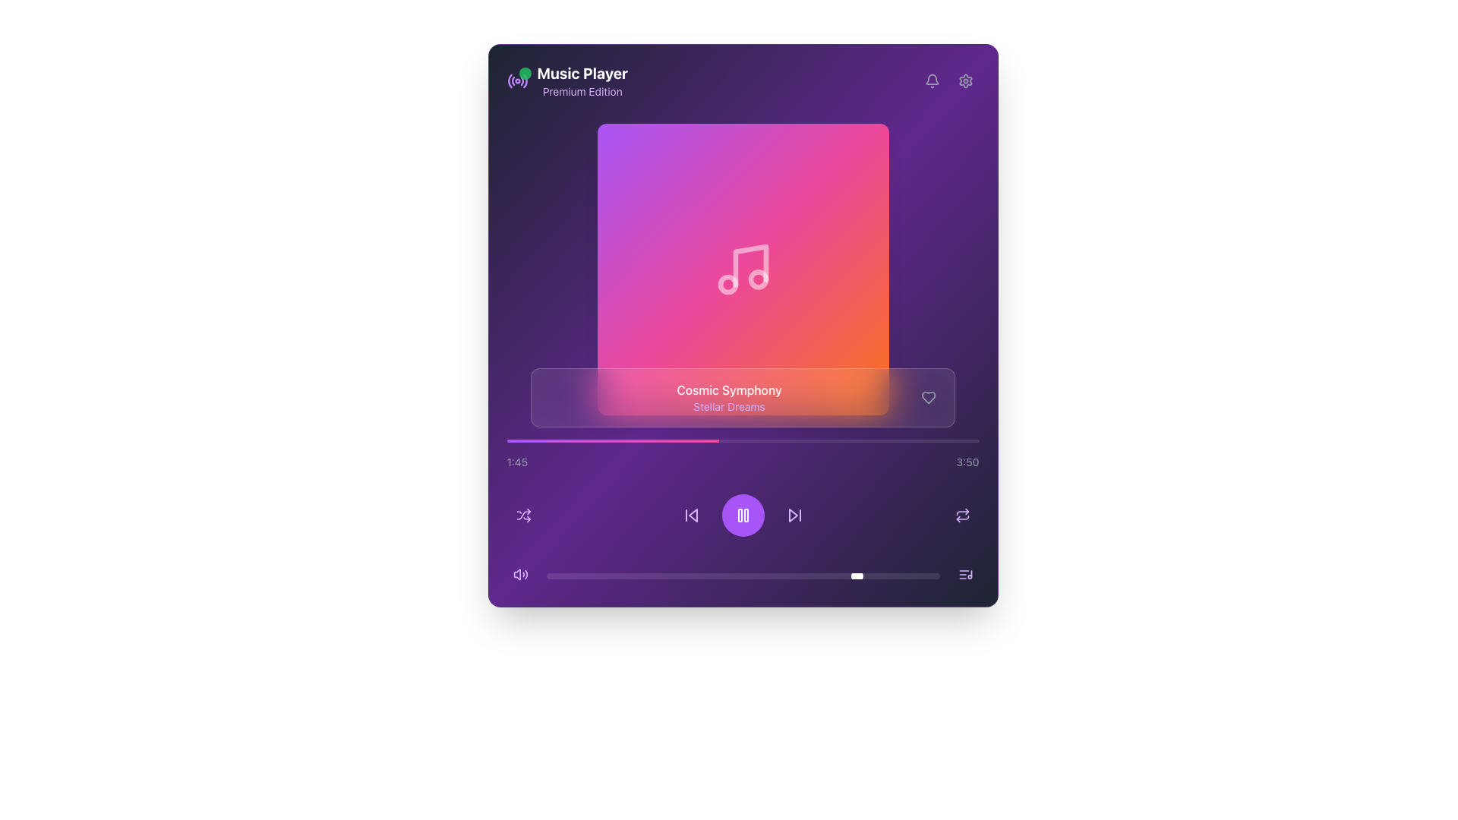  Describe the element at coordinates (967, 462) in the screenshot. I see `the text label displaying '3:50' on the dark purple background, which is part of the duration display in the music player interface` at that location.